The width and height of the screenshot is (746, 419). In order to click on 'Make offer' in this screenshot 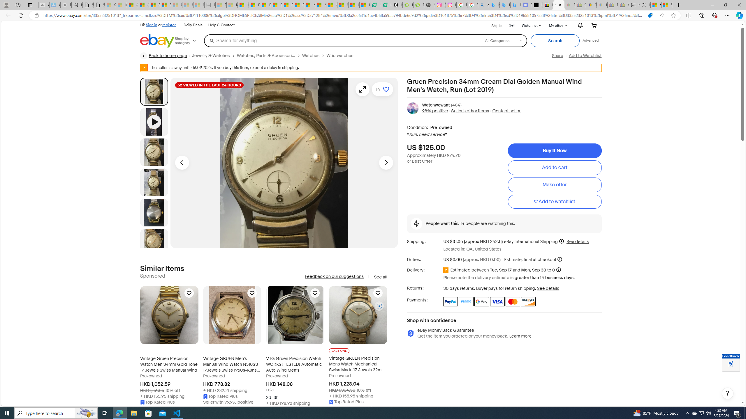, I will do `click(555, 185)`.